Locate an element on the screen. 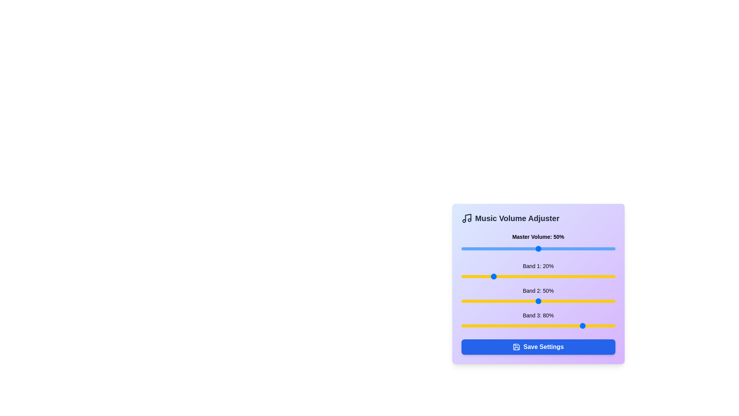 Image resolution: width=739 pixels, height=416 pixels. Band 1 is located at coordinates (468, 276).